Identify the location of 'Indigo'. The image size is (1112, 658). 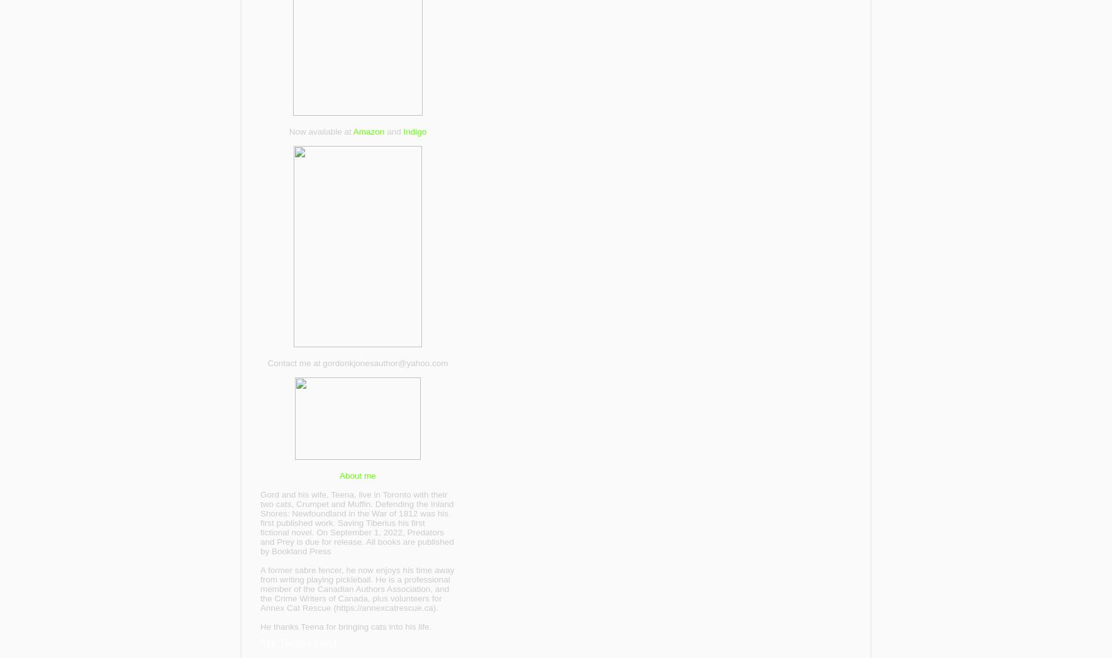
(414, 131).